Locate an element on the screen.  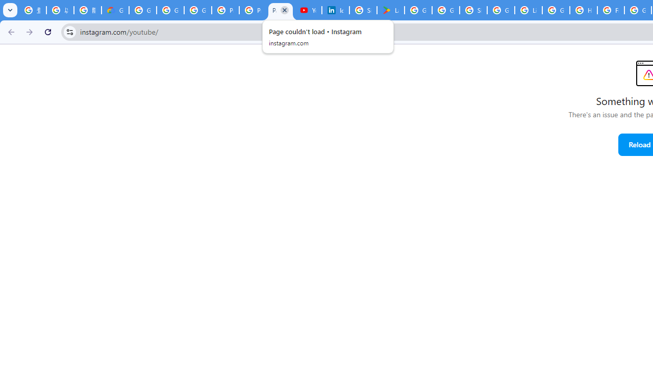
'Sign in - Google Accounts' is located at coordinates (473, 10).